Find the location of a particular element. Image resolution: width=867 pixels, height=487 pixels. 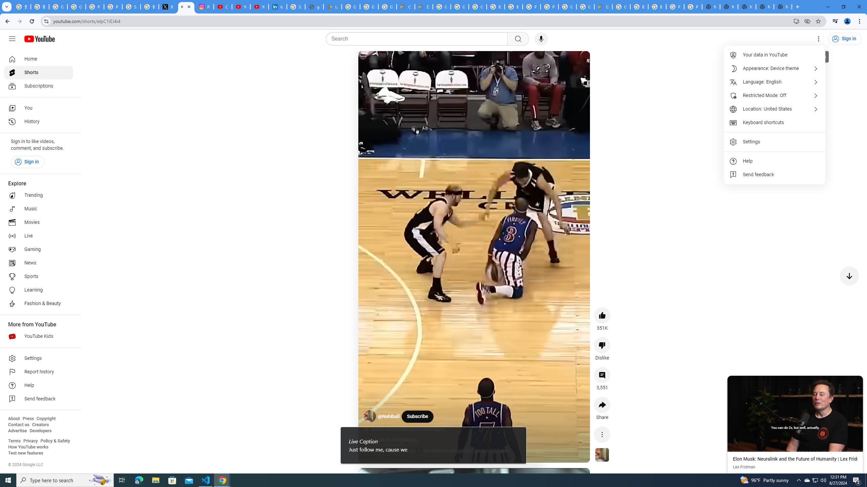

'Learning' is located at coordinates (38, 290).